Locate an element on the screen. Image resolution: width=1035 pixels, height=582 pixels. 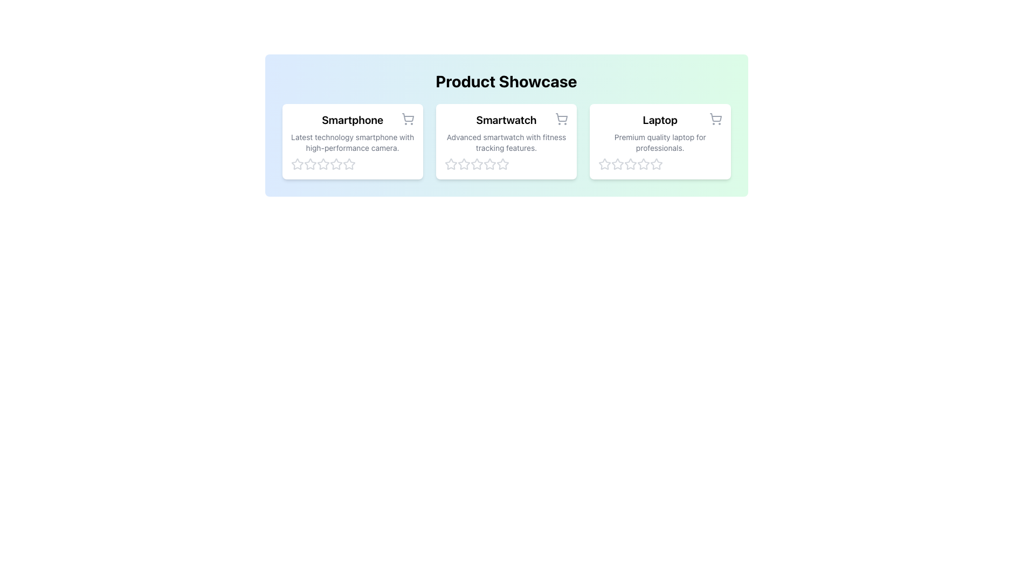
the third star icon in the rating section below the 'Smartwatch' product card is located at coordinates (476, 164).